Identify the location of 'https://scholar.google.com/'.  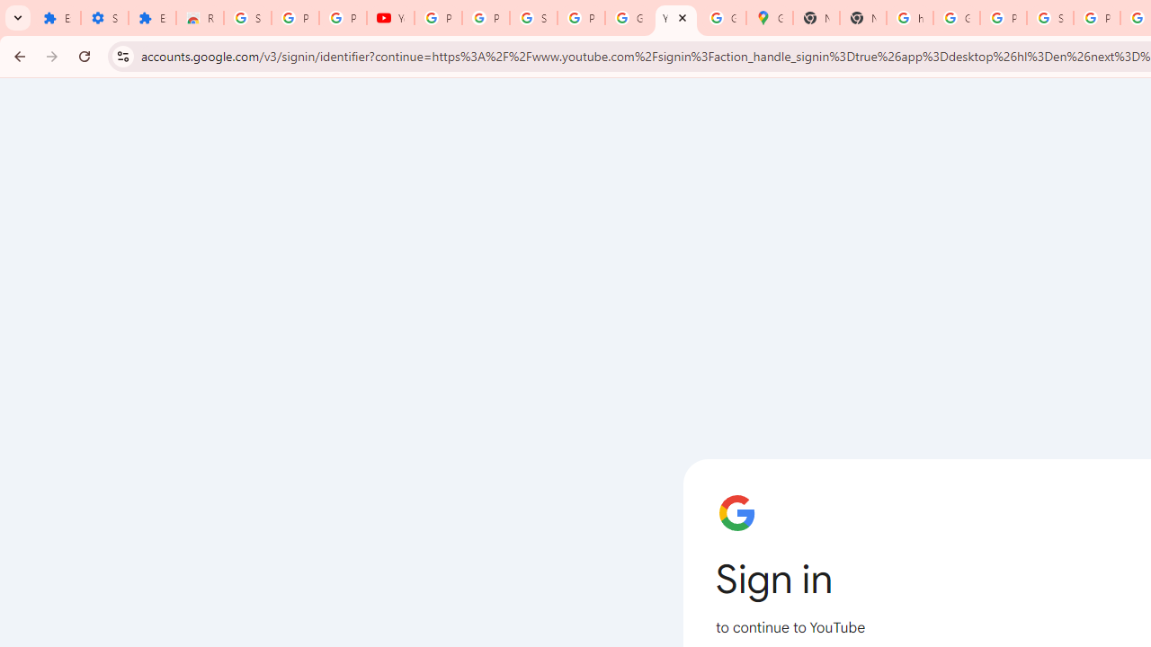
(909, 18).